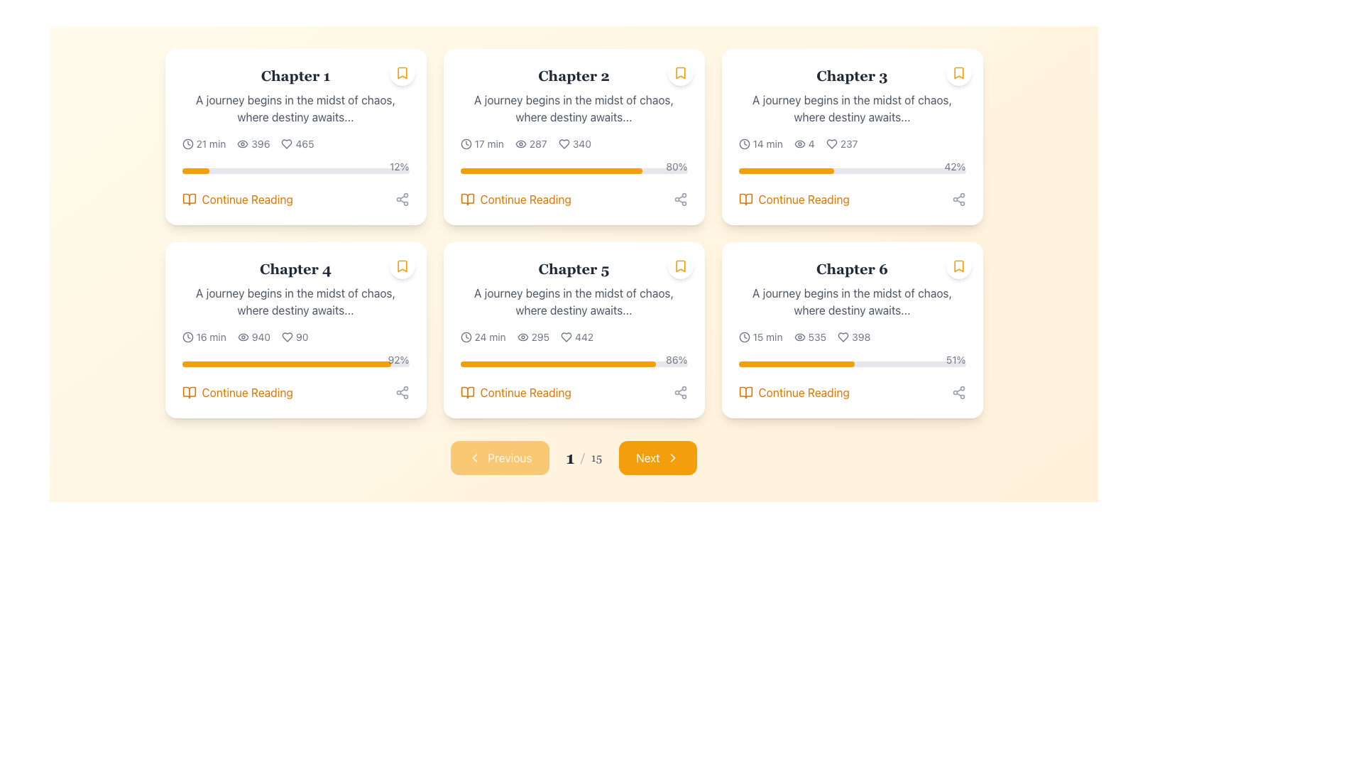 The width and height of the screenshot is (1363, 767). Describe the element at coordinates (287, 337) in the screenshot. I see `the heart icon representing likes in Chapter 4's statistics row, which is the third icon following reading time and views` at that location.